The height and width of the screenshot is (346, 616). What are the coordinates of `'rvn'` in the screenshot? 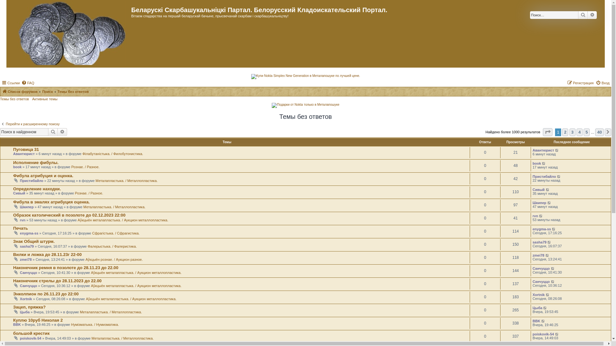 It's located at (535, 216).